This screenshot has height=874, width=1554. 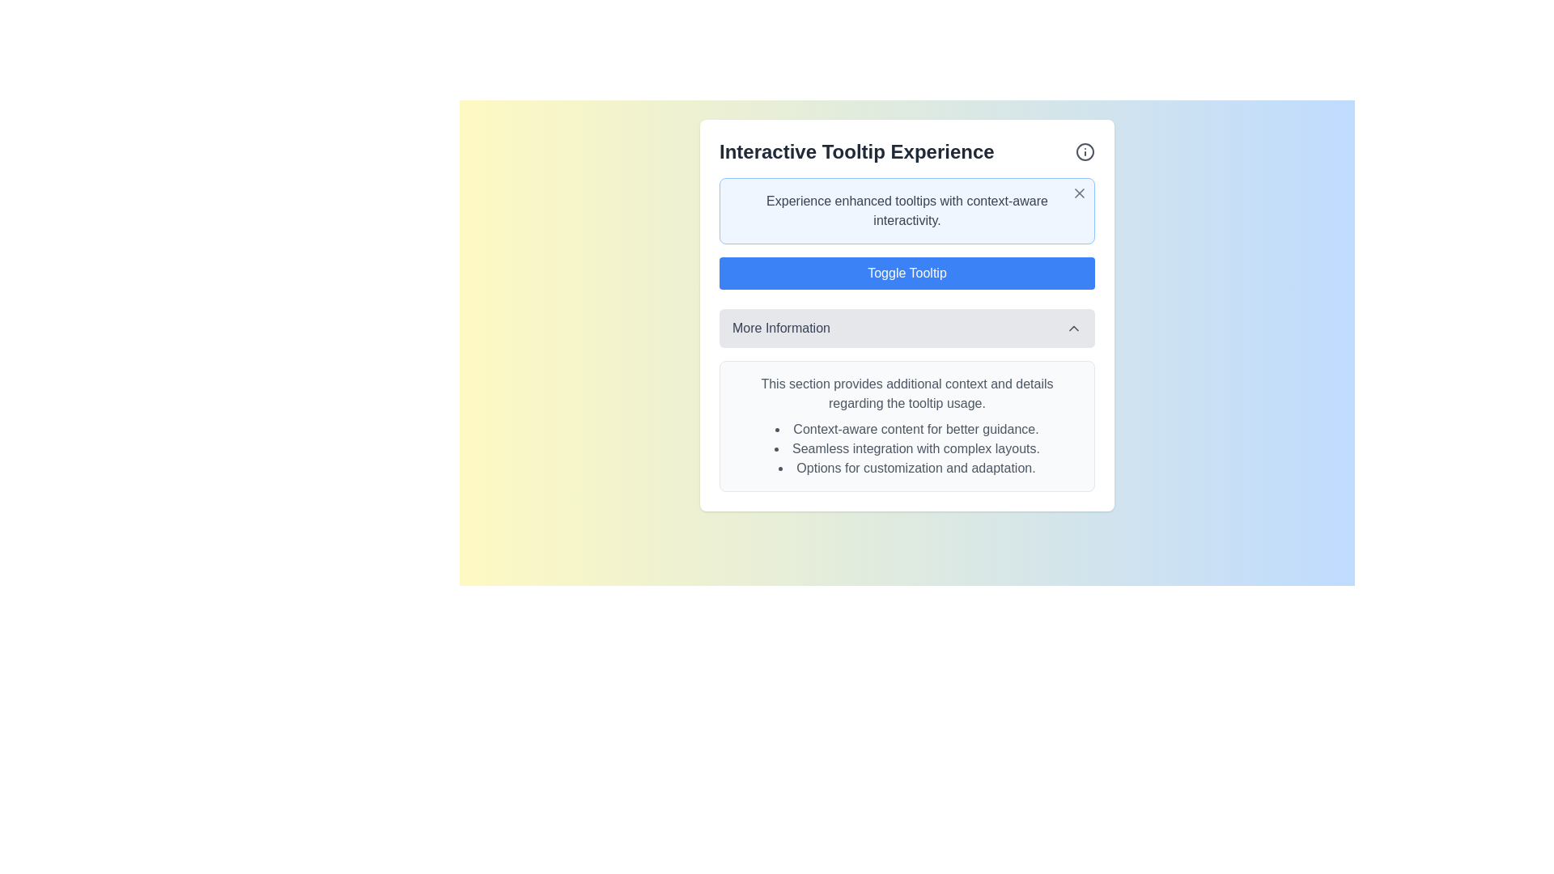 What do you see at coordinates (907, 210) in the screenshot?
I see `the informational panel located centrally below the heading 'Interactive Tooltip Experience' and above the 'Toggle Tooltip' button` at bounding box center [907, 210].